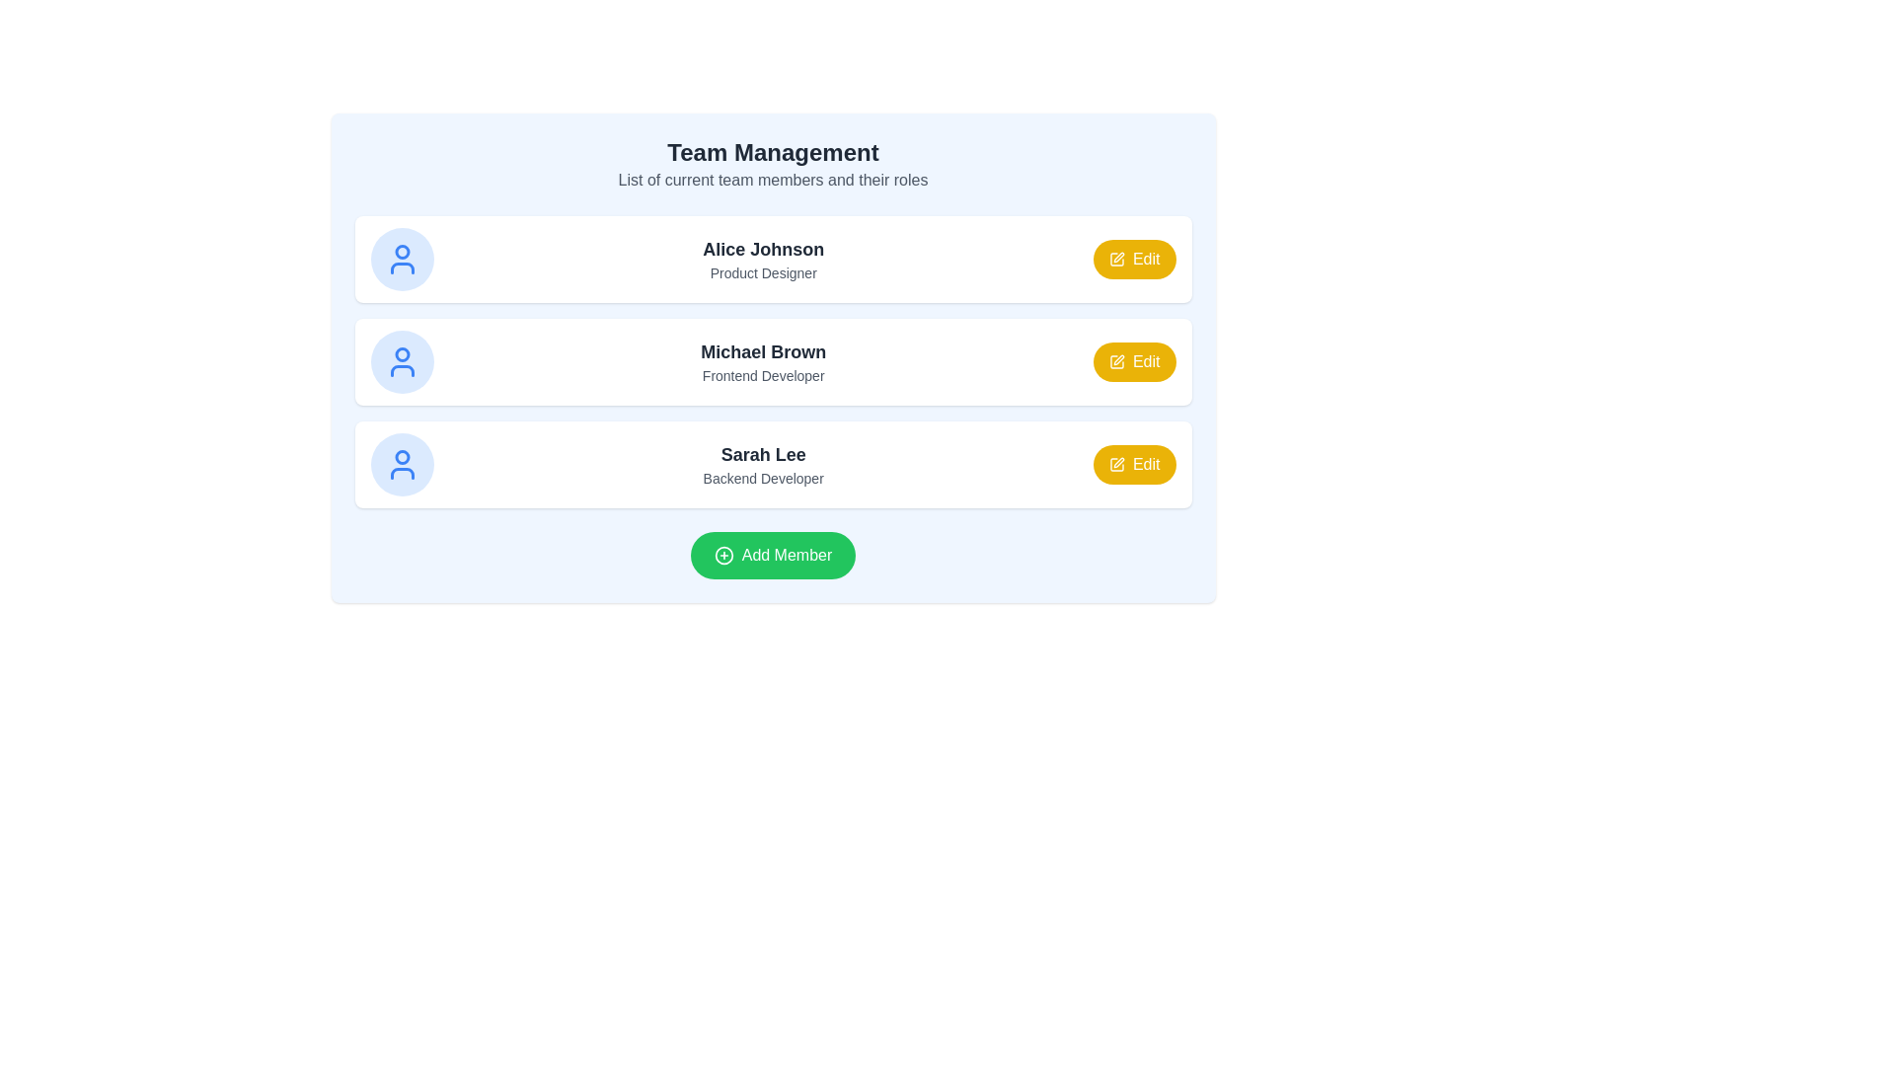 The height and width of the screenshot is (1066, 1895). I want to click on the text label displaying 'Alice Johnson', which identifies the individual in the first entry of the vertical list under 'Team Management', so click(762, 249).